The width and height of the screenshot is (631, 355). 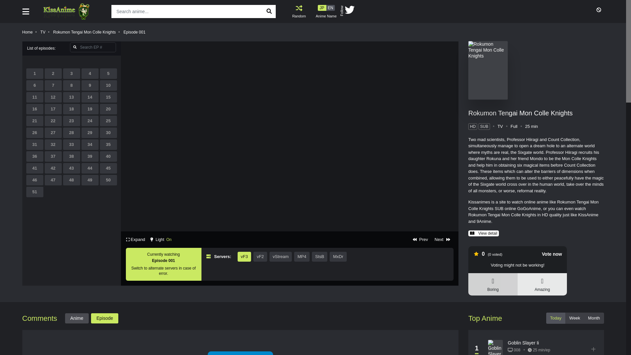 What do you see at coordinates (71, 121) in the screenshot?
I see `'23'` at bounding box center [71, 121].